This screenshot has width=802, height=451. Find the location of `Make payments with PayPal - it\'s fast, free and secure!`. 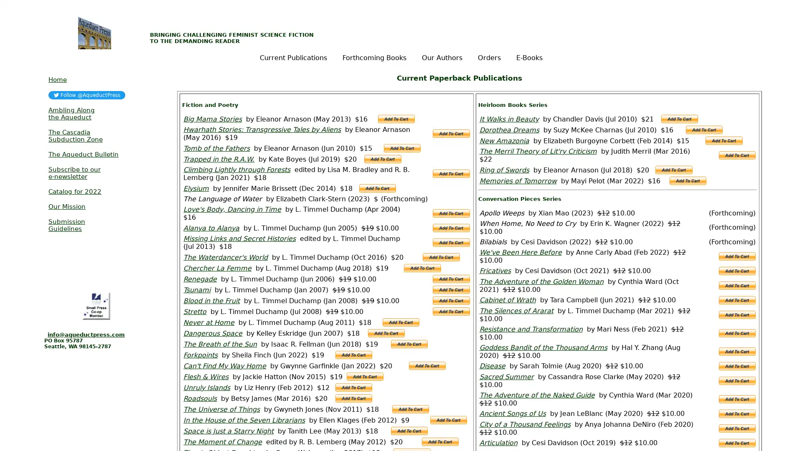

Make payments with PayPal - it\'s fast, free and secure! is located at coordinates (451, 301).